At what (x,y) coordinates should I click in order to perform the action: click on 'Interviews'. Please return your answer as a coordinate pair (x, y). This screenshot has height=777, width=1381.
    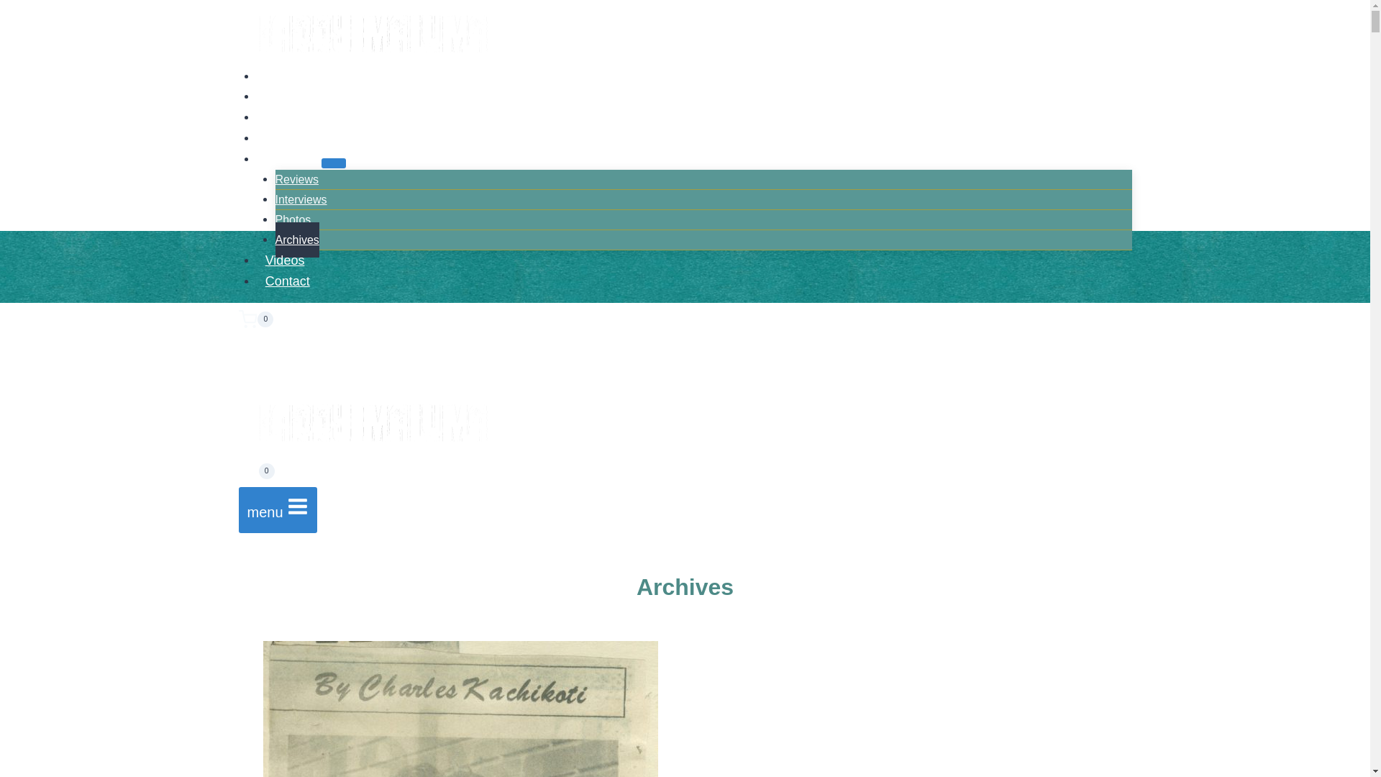
    Looking at the image, I should click on (299, 199).